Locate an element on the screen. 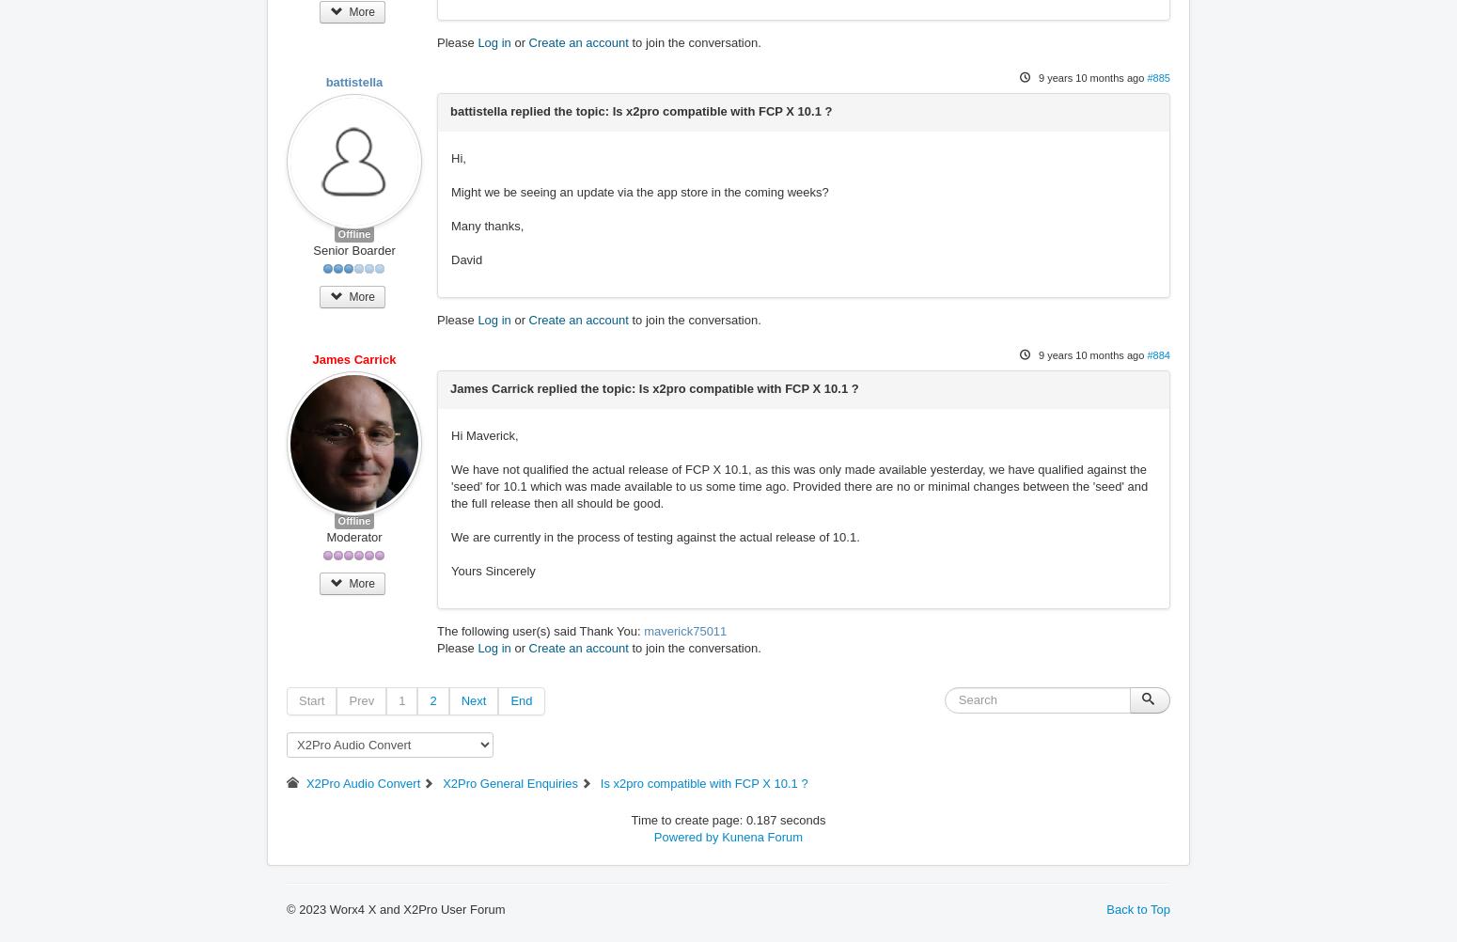 The image size is (1457, 942). 'We are currently in the process of testing against the actual release of 10.1.' is located at coordinates (654, 537).